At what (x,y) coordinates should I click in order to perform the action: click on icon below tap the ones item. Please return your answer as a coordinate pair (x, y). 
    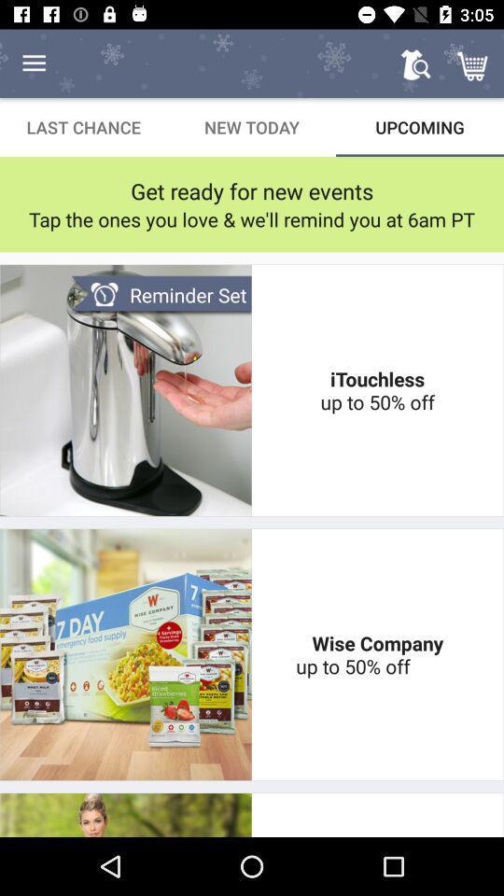
    Looking at the image, I should click on (161, 295).